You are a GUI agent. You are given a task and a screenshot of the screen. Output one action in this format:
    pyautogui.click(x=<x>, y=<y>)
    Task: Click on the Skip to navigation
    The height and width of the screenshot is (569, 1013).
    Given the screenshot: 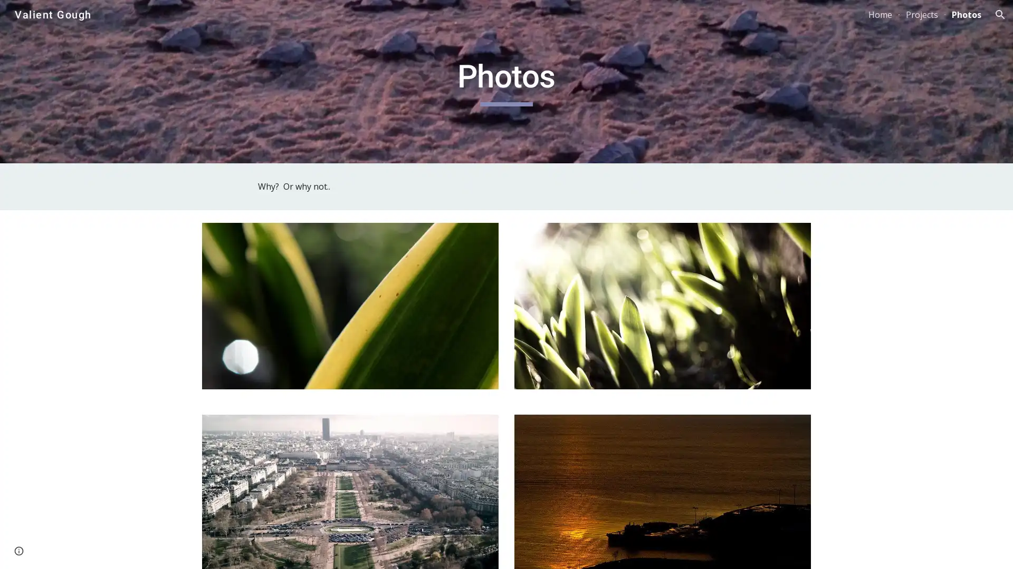 What is the action you would take?
    pyautogui.click(x=601, y=19)
    